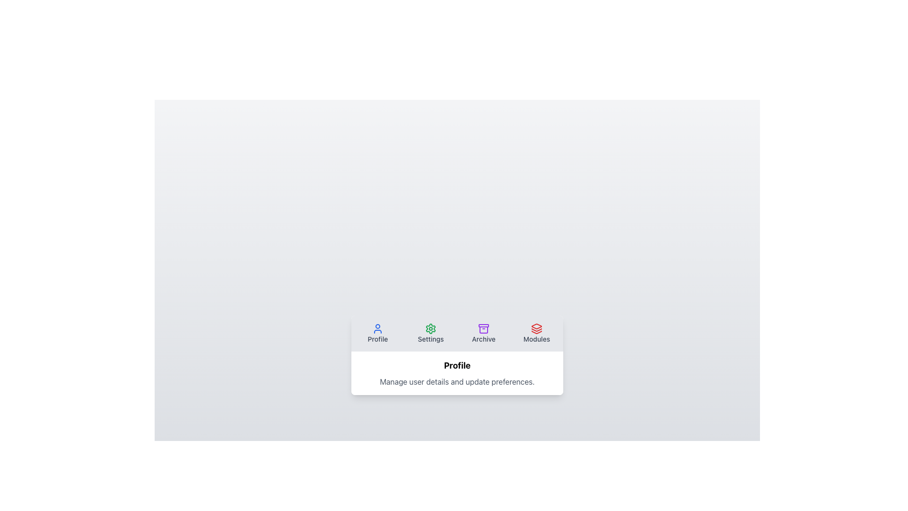 The image size is (908, 511). What do you see at coordinates (430, 339) in the screenshot?
I see `the 'Settings' text label, which is styled in a dark color and located below the settings icon` at bounding box center [430, 339].